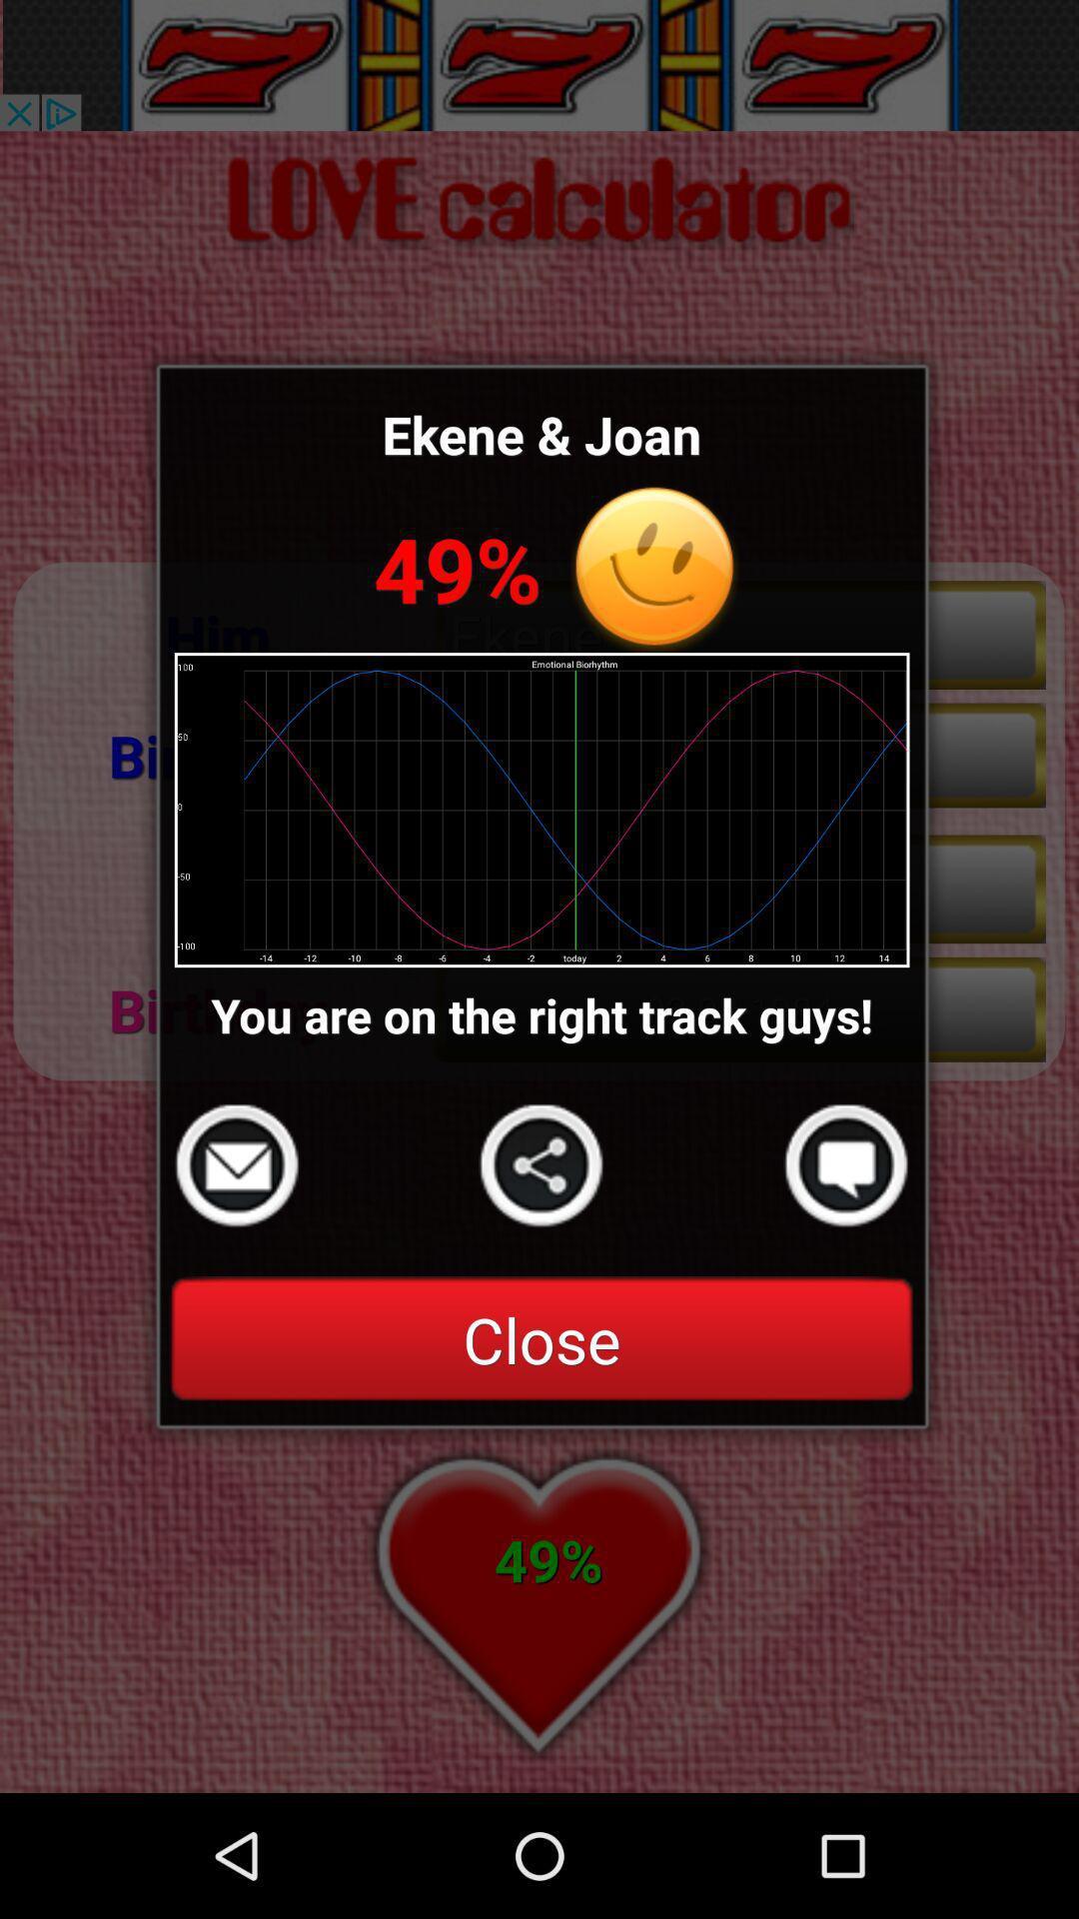  Describe the element at coordinates (236, 1165) in the screenshot. I see `send a message` at that location.